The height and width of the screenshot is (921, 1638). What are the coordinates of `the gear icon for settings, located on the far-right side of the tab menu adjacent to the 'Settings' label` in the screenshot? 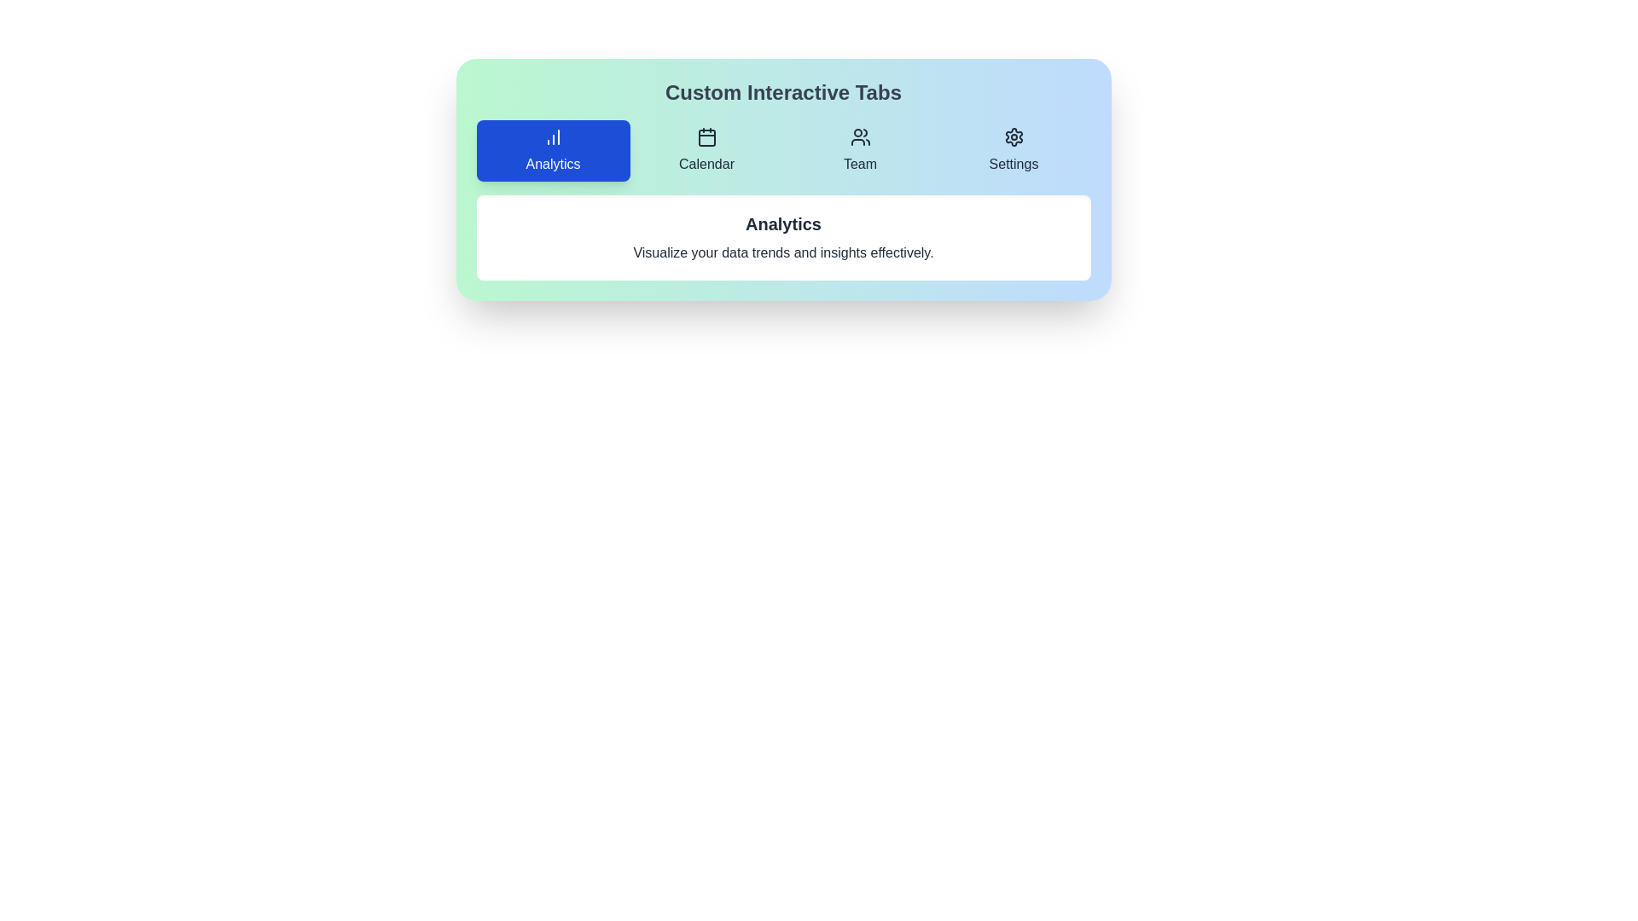 It's located at (1014, 136).